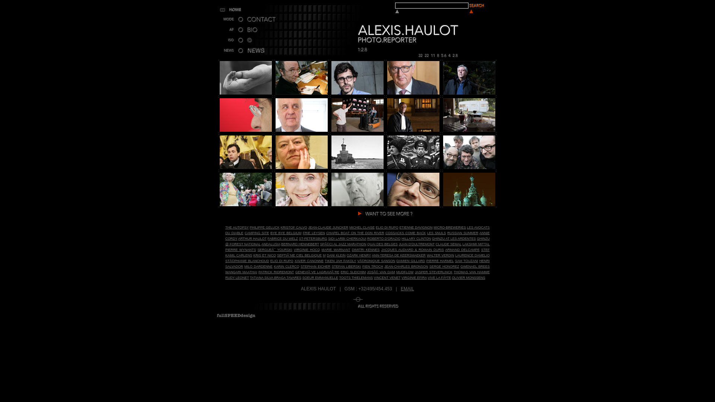 This screenshot has height=402, width=715. I want to click on 'FIEN TROCH', so click(373, 266).